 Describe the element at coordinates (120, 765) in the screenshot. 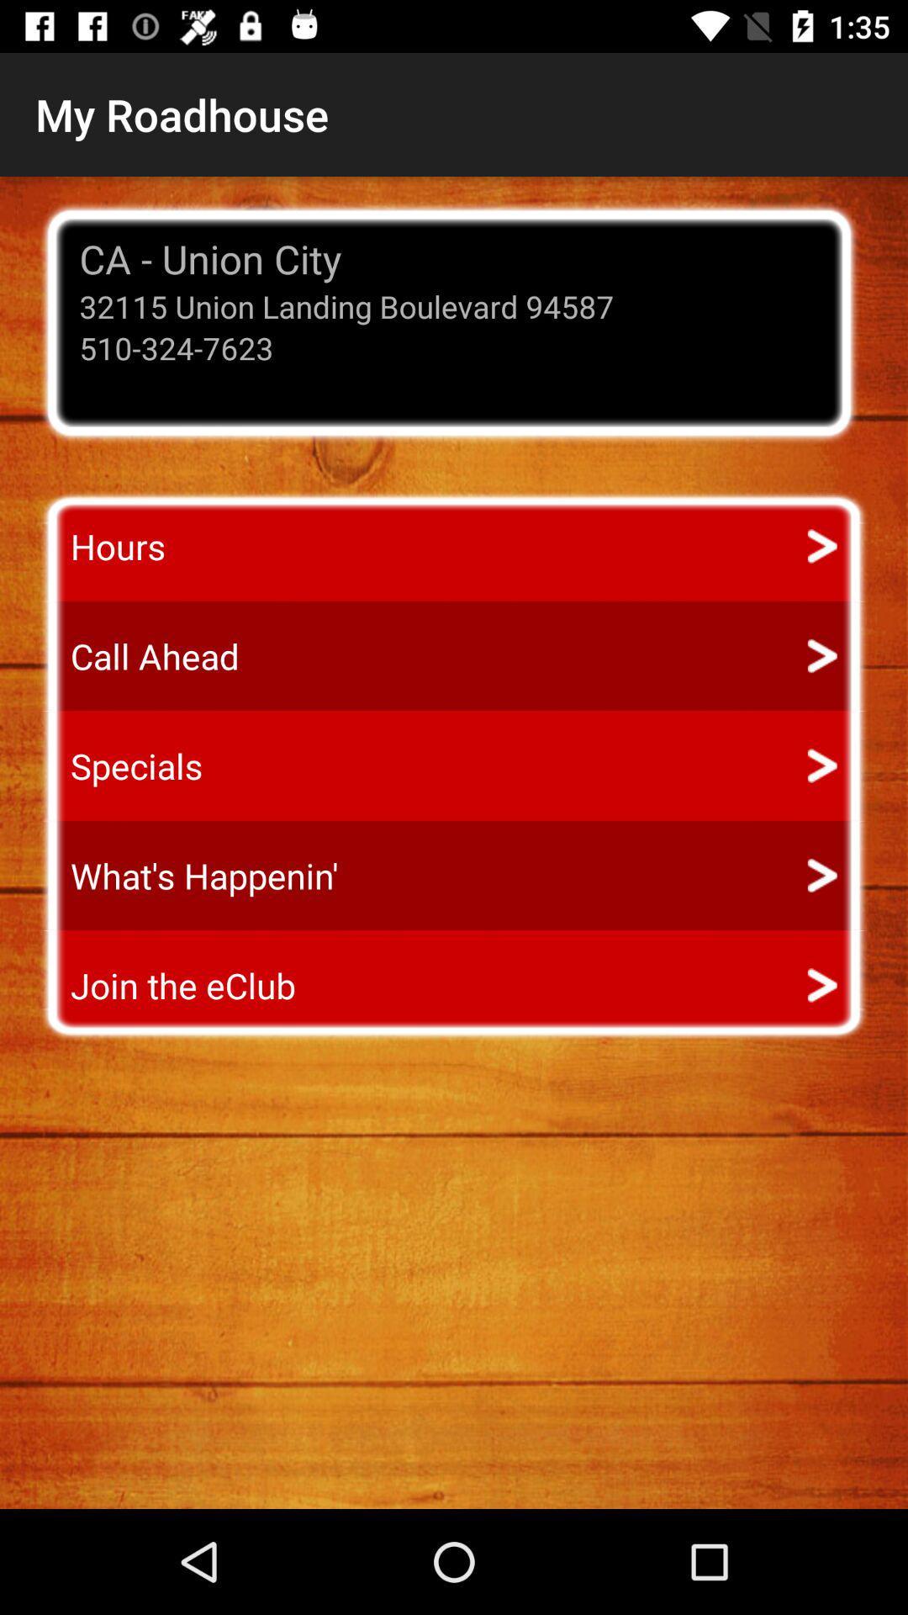

I see `specials` at that location.